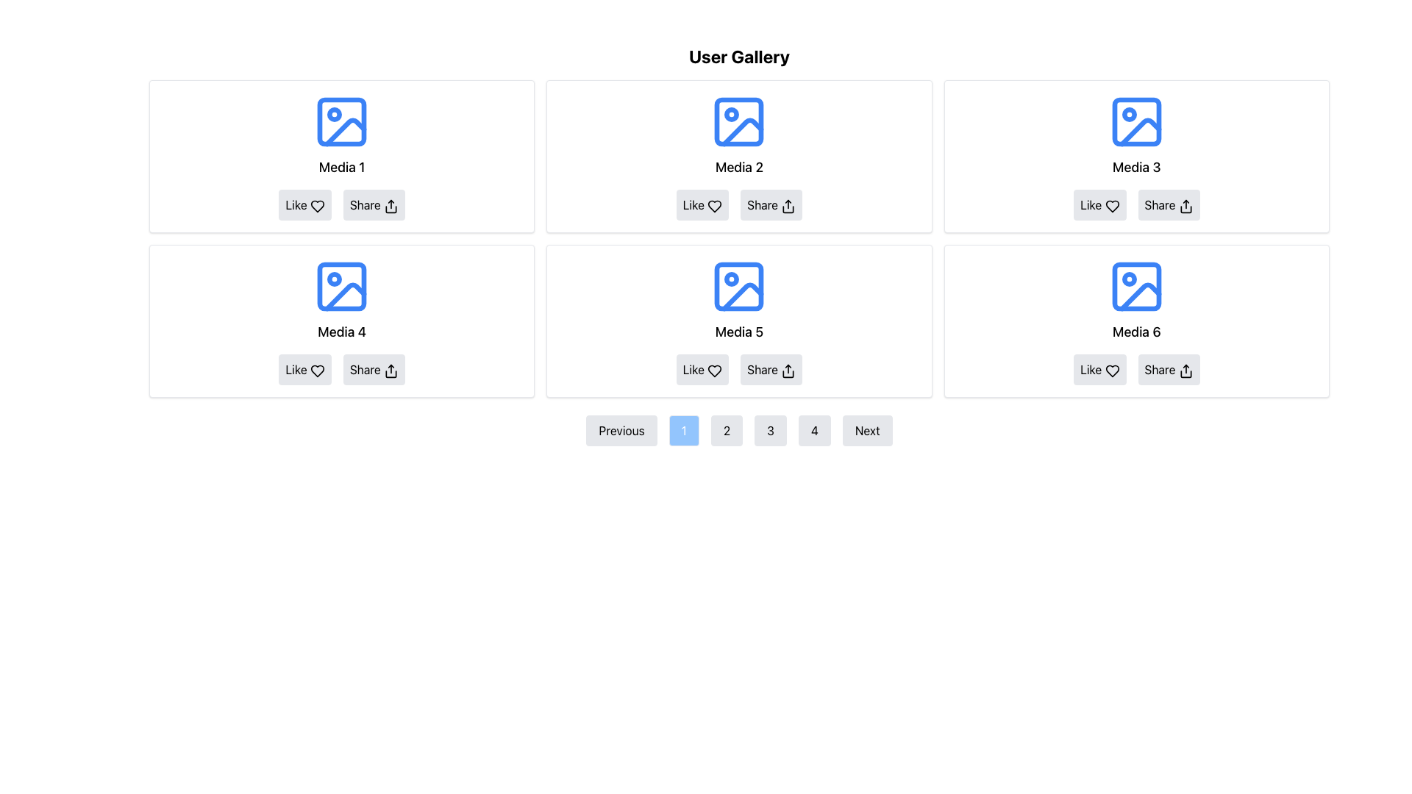 Image resolution: width=1412 pixels, height=794 pixels. I want to click on the pagination button that navigates to the fourth page of content to observe its hover effects, so click(813, 430).